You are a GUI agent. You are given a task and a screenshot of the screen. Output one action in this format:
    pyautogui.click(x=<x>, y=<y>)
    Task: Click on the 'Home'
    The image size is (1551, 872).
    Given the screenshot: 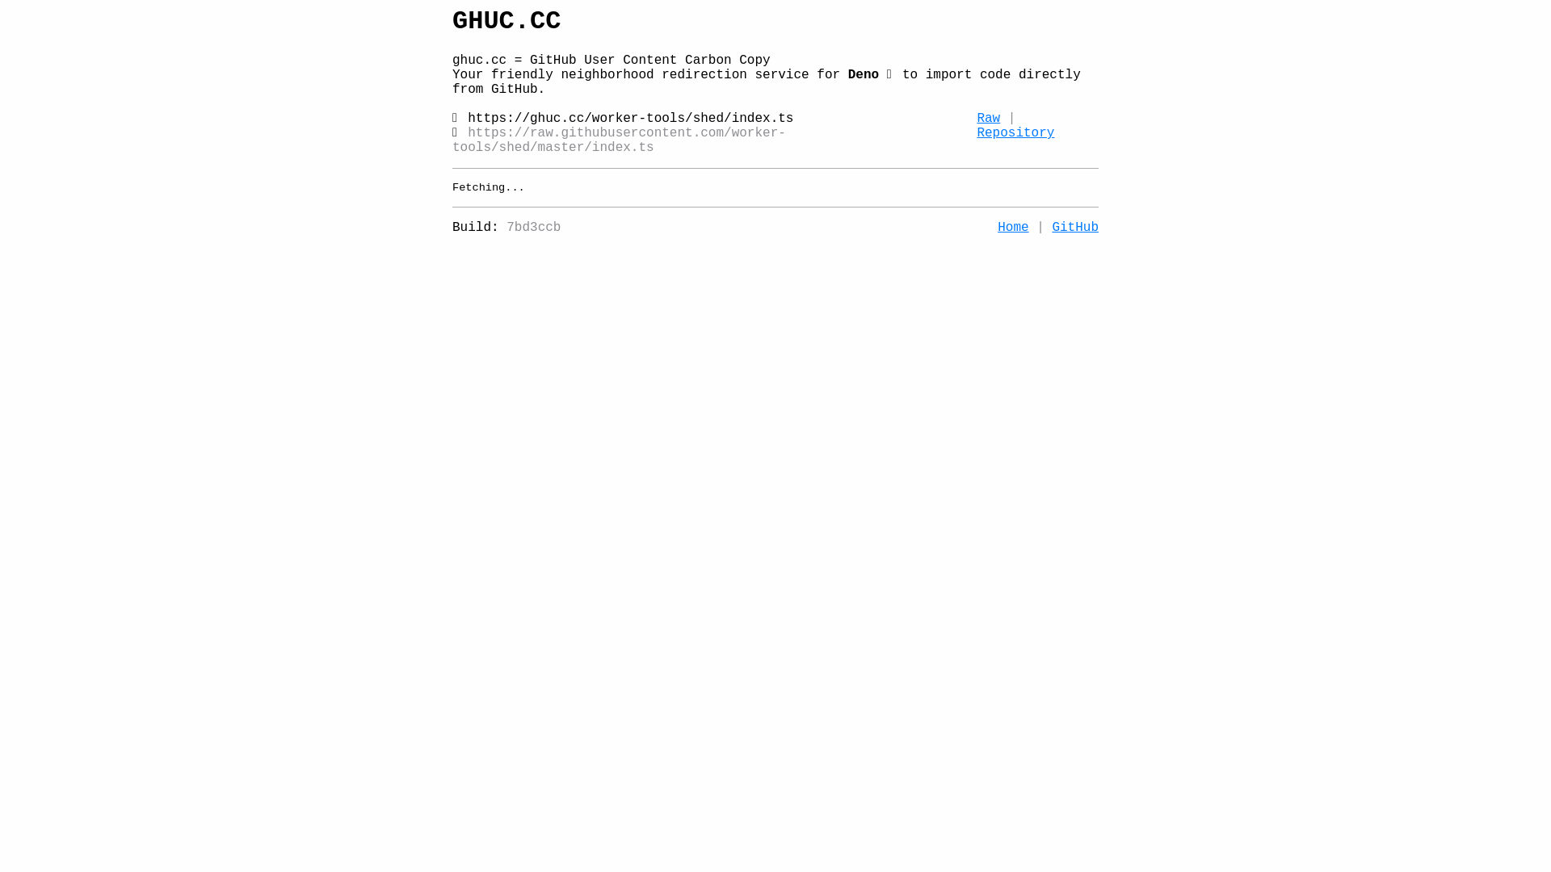 What is the action you would take?
    pyautogui.click(x=1011, y=227)
    